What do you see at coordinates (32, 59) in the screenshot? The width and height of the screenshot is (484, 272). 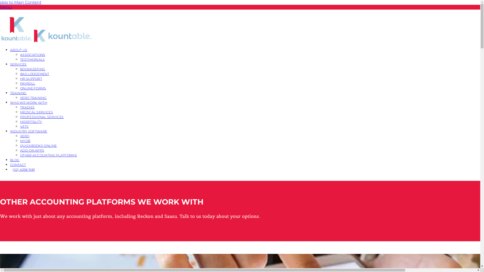 I see `'TESTIMONIALS'` at bounding box center [32, 59].